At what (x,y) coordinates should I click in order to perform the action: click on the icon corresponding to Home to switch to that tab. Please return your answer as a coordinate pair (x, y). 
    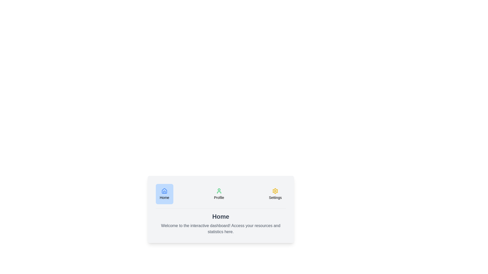
    Looking at the image, I should click on (164, 194).